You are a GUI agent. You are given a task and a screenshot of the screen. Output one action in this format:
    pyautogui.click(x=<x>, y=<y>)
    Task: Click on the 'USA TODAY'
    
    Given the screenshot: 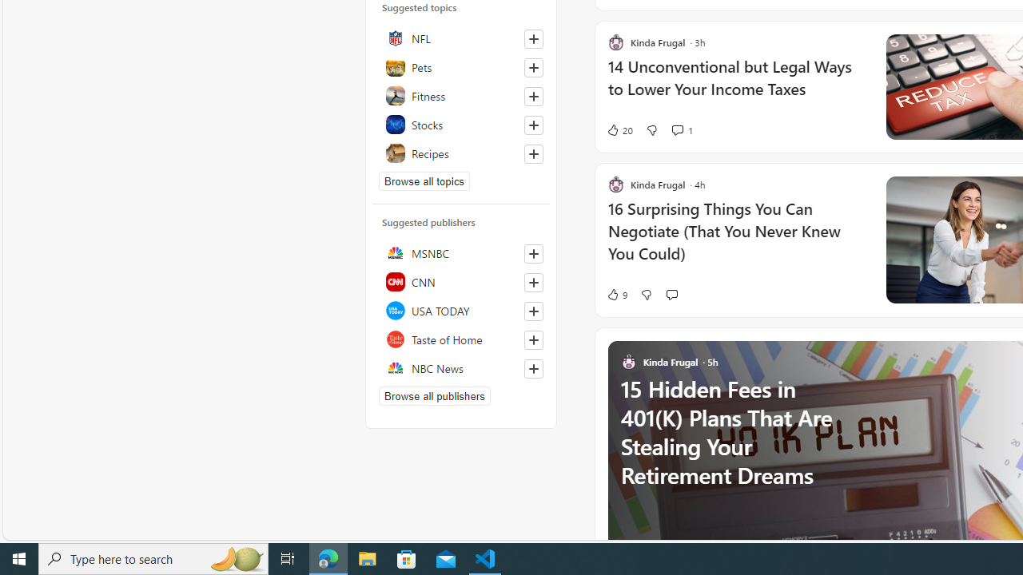 What is the action you would take?
    pyautogui.click(x=460, y=311)
    